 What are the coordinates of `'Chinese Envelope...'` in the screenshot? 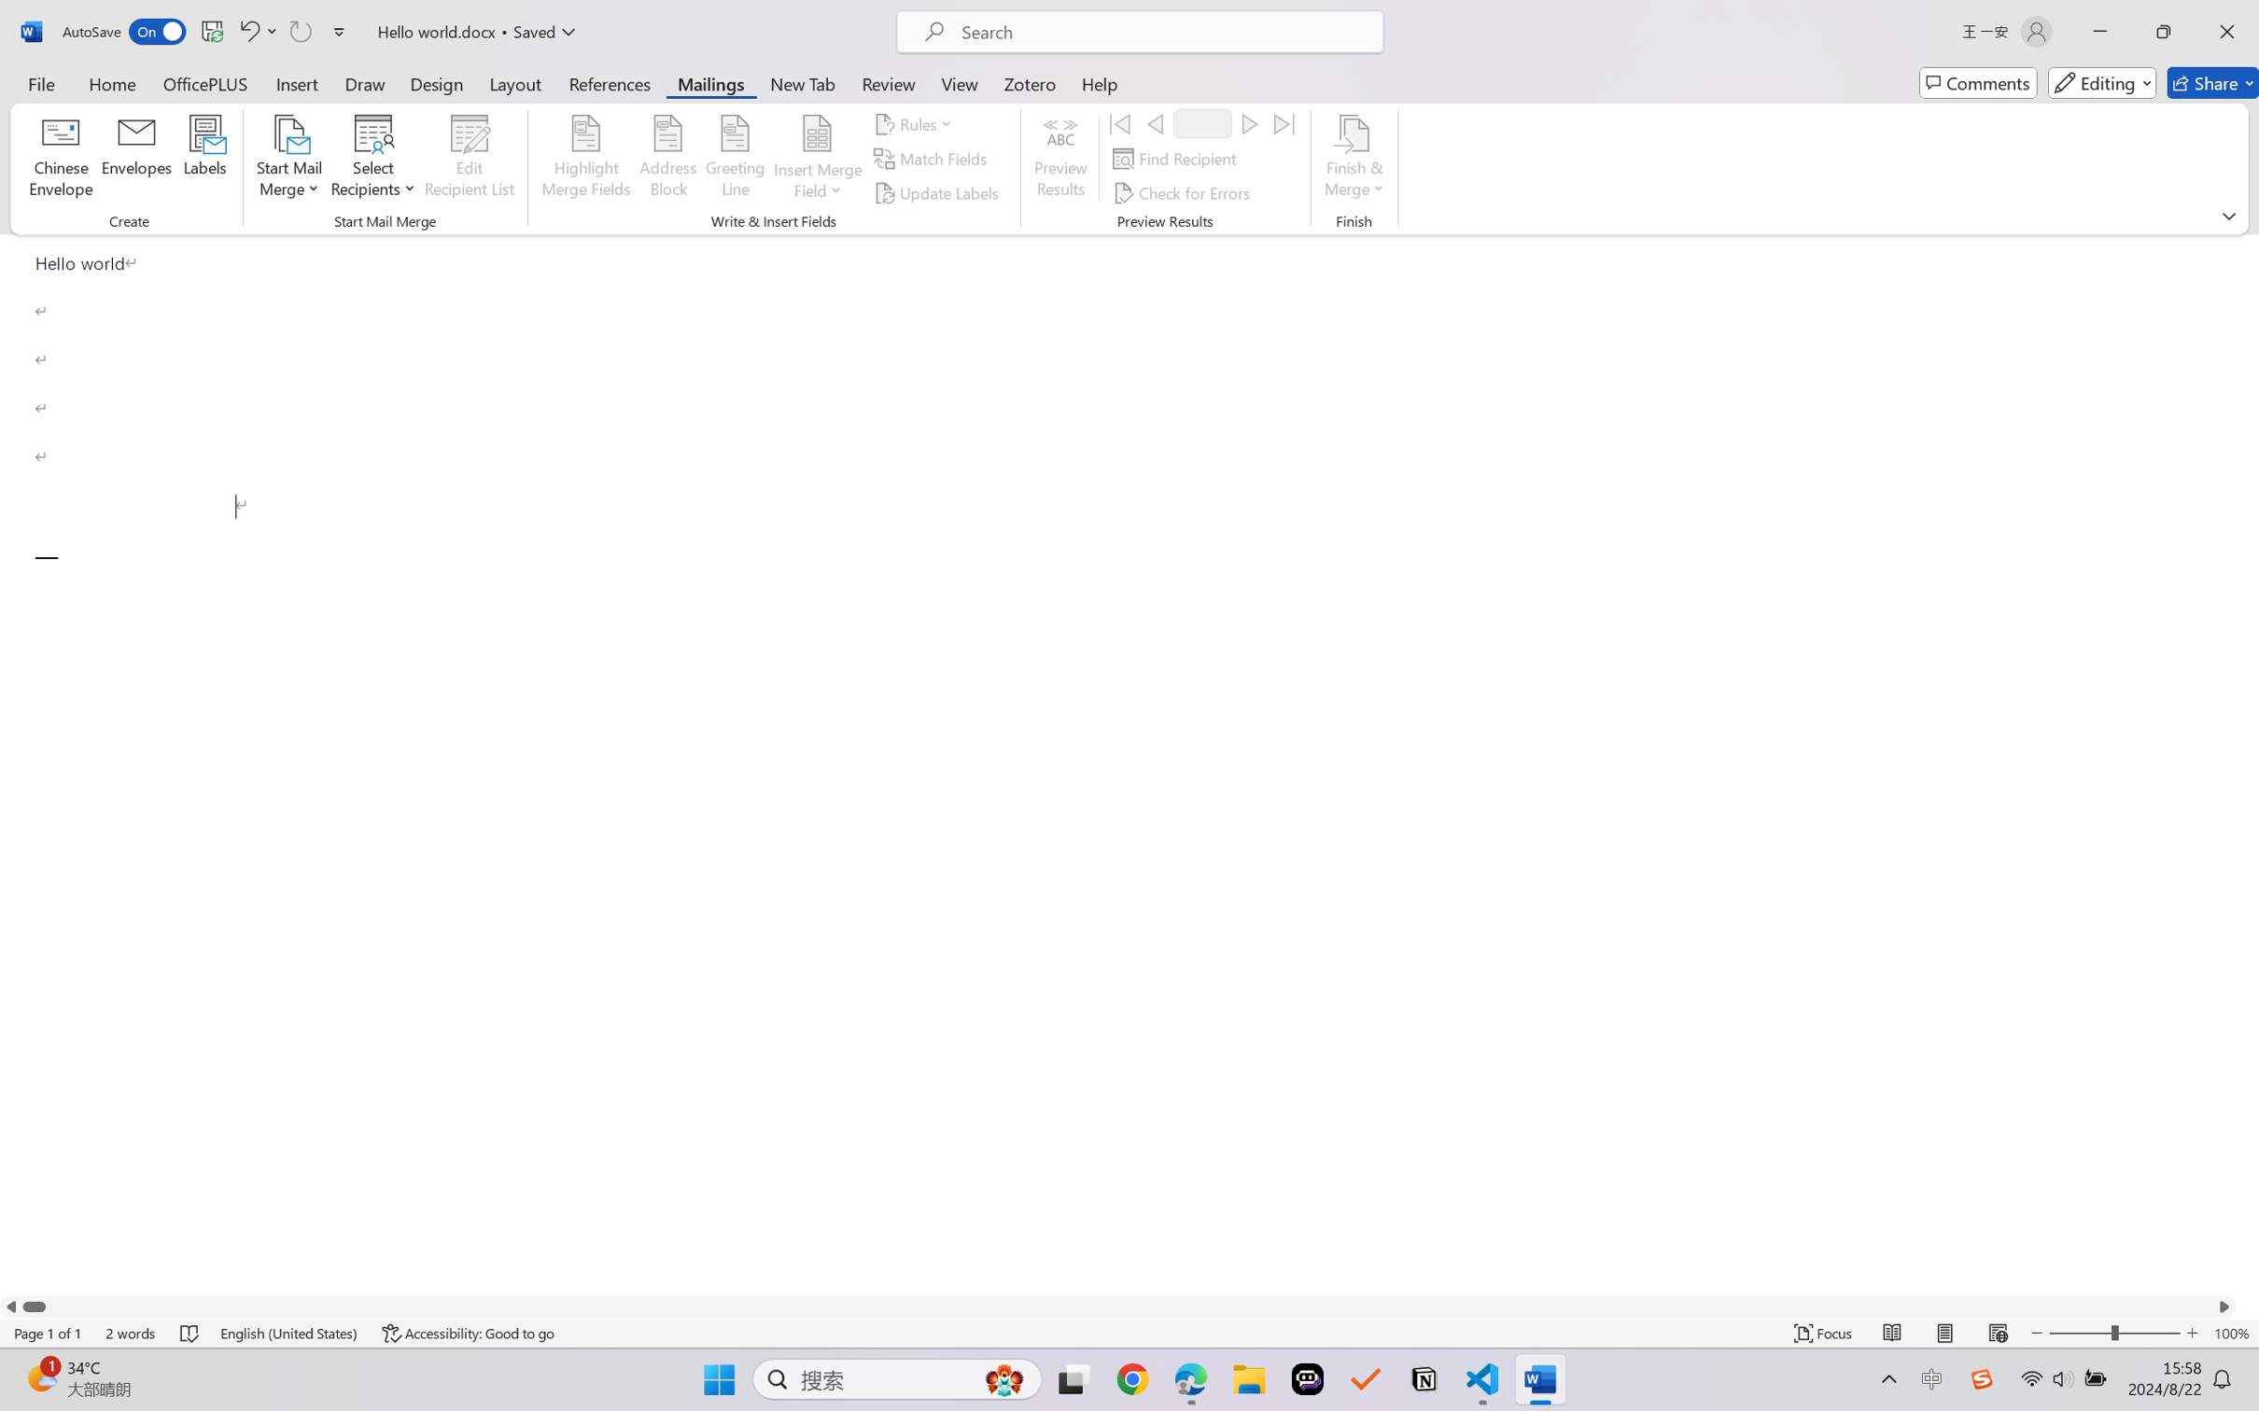 It's located at (61, 159).